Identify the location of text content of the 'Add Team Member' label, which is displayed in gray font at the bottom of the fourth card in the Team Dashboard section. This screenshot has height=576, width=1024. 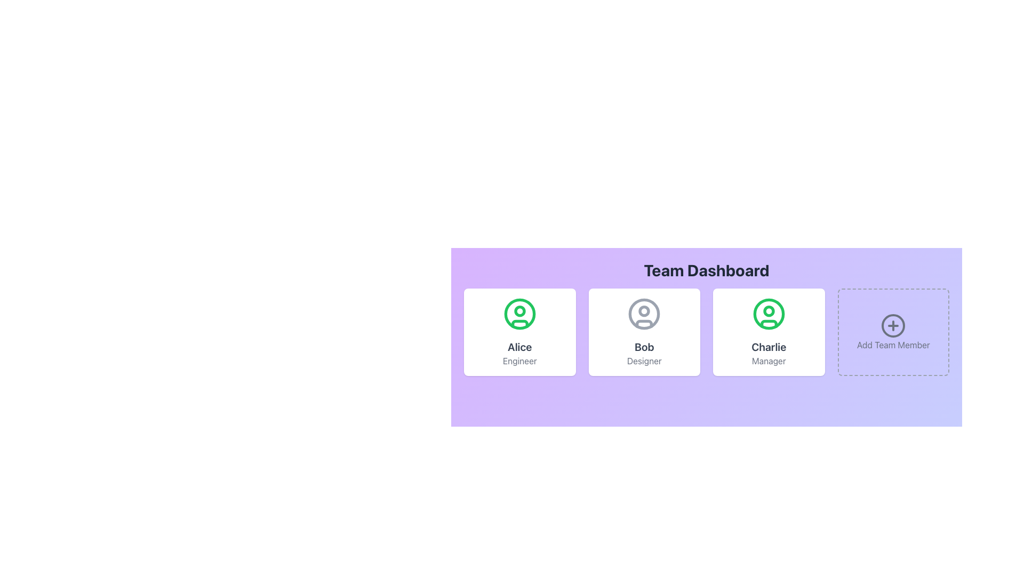
(893, 345).